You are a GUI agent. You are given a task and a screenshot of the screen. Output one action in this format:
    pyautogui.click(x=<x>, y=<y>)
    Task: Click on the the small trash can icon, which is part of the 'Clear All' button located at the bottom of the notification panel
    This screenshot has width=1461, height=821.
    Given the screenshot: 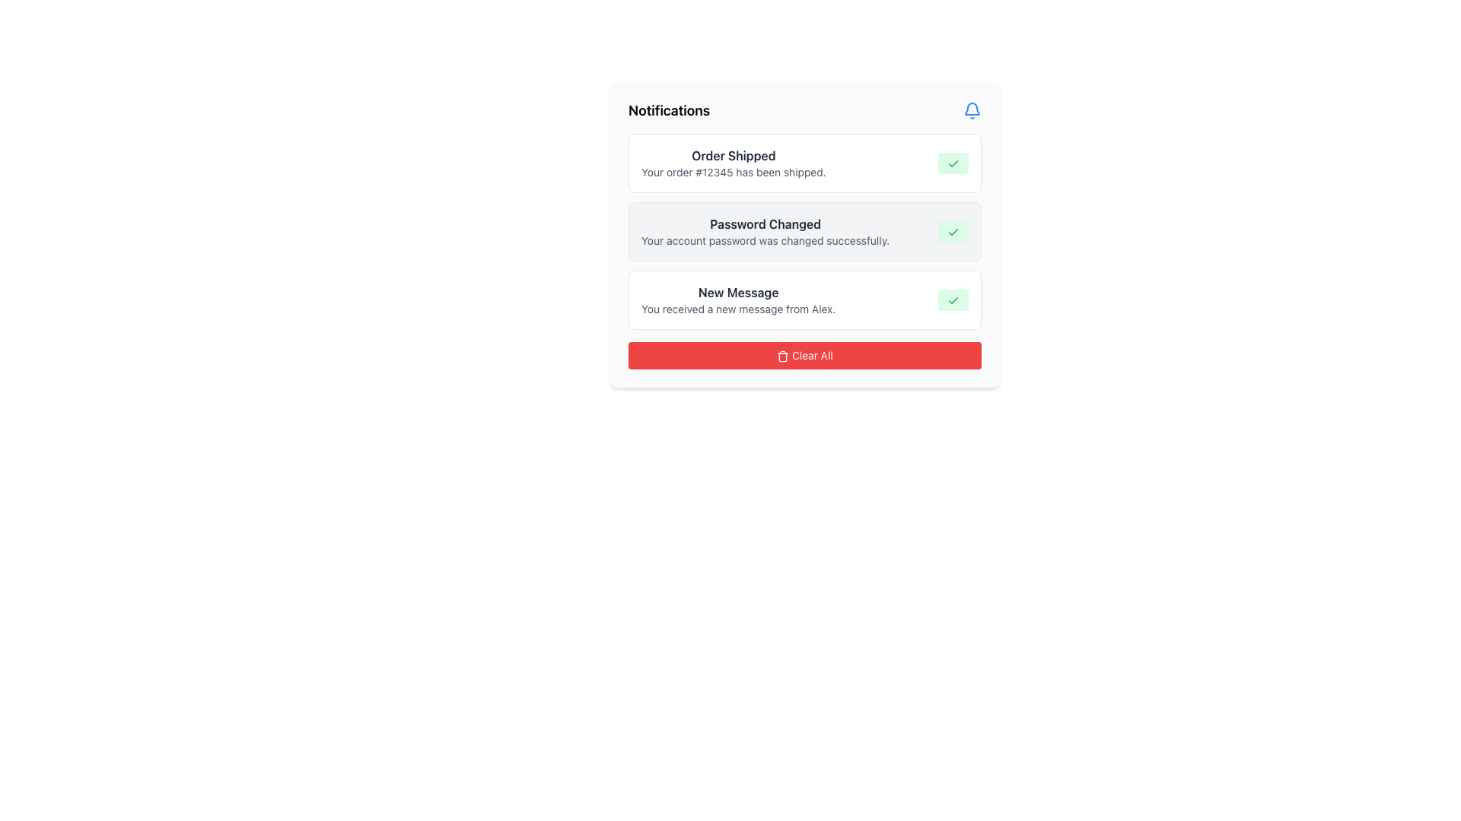 What is the action you would take?
    pyautogui.click(x=783, y=357)
    